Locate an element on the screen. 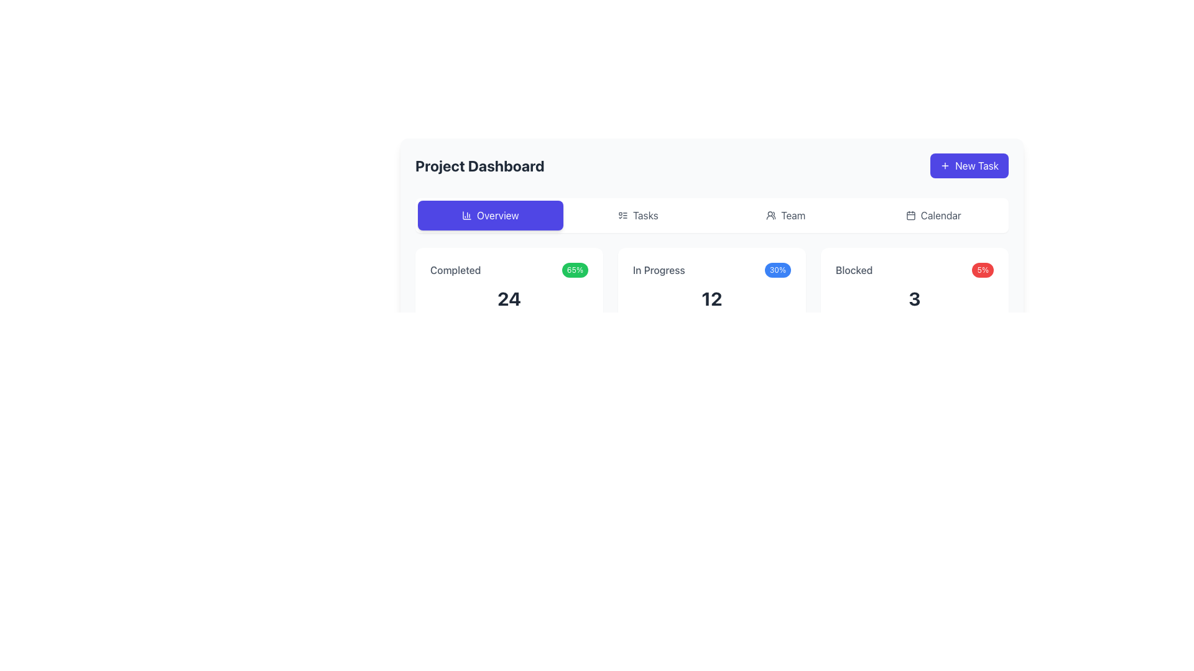 The image size is (1194, 671). the badge of the status indicator labeled 'Blocked', which displays '5%' on the right side is located at coordinates (914, 270).